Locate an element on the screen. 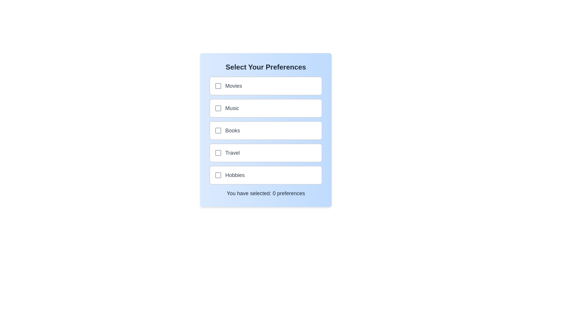 This screenshot has width=564, height=317. the preference option Travel to observe the hover effect is located at coordinates (266, 152).